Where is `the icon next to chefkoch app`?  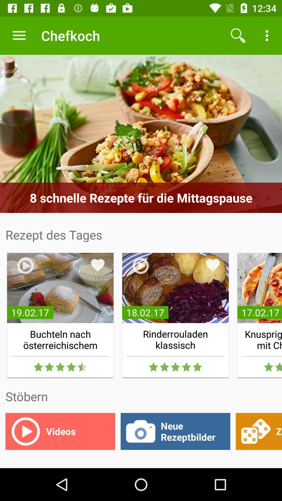 the icon next to chefkoch app is located at coordinates (238, 35).